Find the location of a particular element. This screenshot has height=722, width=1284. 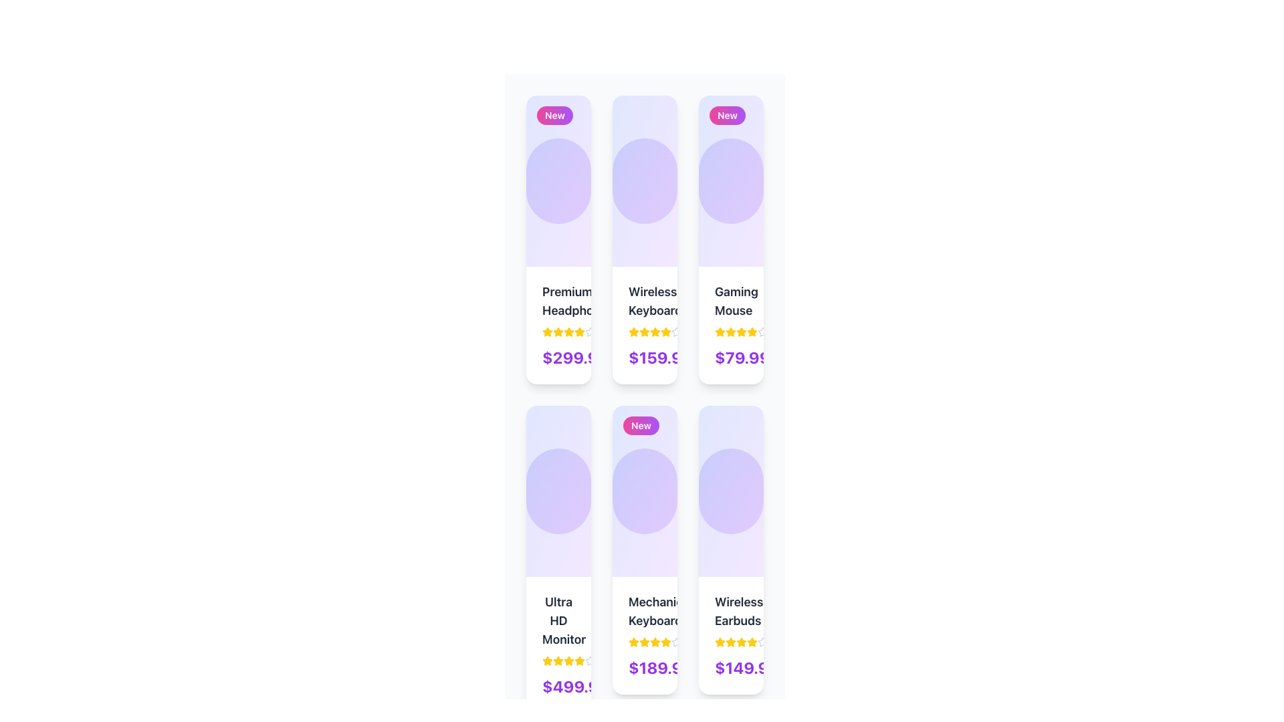

the first star icon in the star rating component on the product card to interact with the rating is located at coordinates (548, 660).